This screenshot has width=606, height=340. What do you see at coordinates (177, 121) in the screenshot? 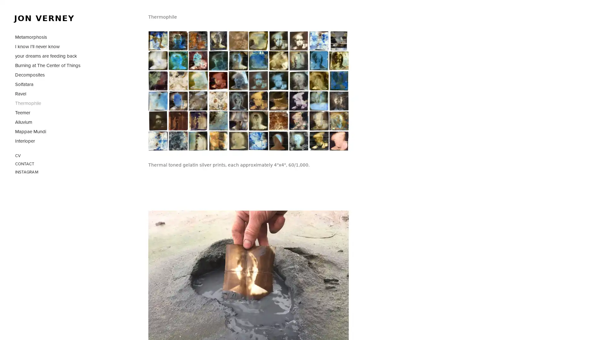
I see `View fullsize jon_verney_thermophile_18.jpg` at bounding box center [177, 121].